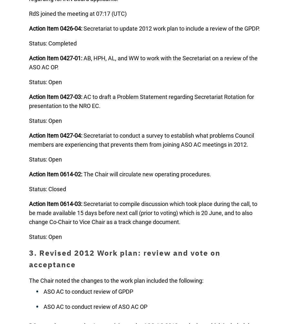 This screenshot has width=295, height=324. I want to click on 'The Chair will circulate new operating procedures.', so click(82, 174).